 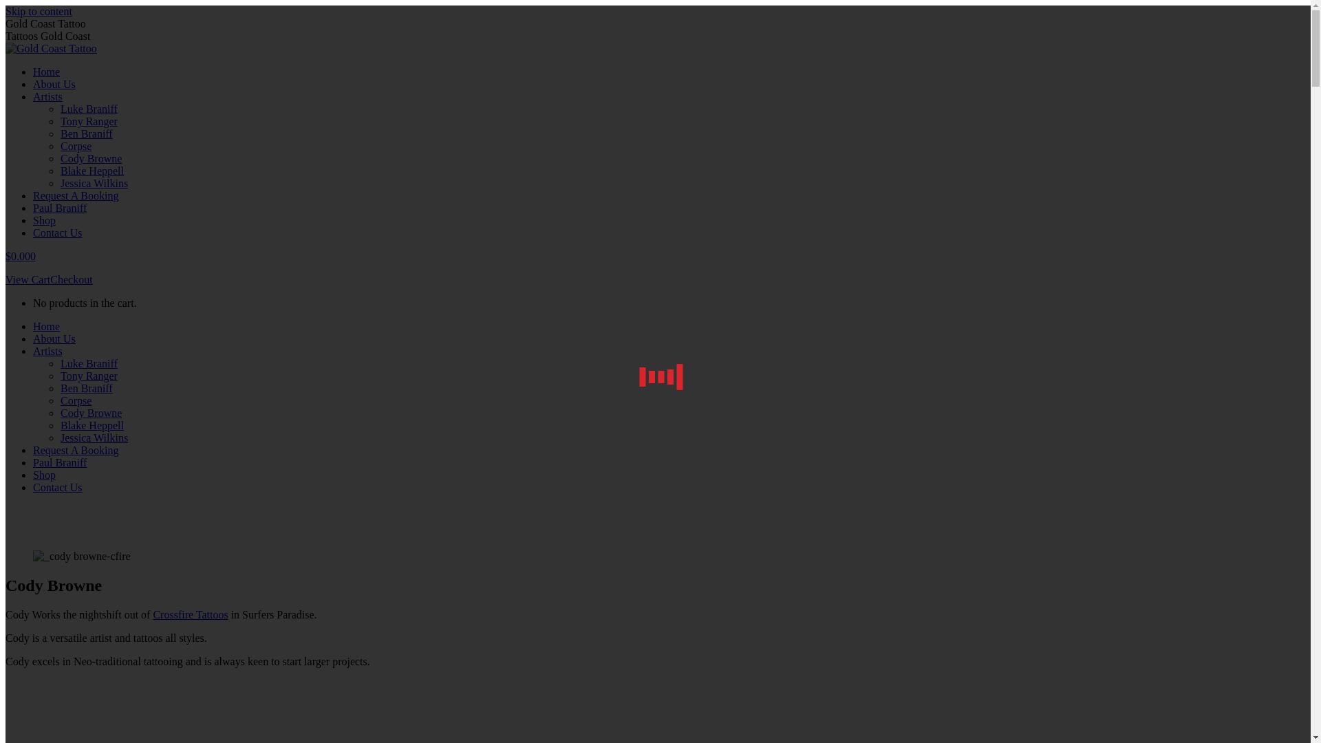 I want to click on 'Paul Braniff', so click(x=33, y=208).